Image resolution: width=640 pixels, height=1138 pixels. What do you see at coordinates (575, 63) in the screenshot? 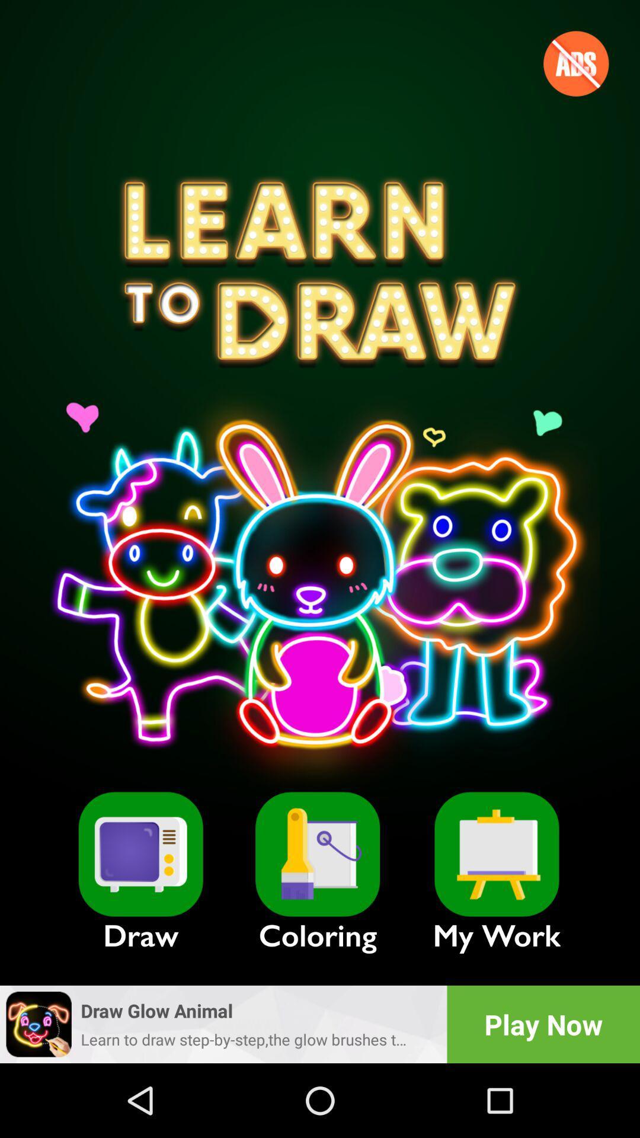
I see `turn off advertisements` at bounding box center [575, 63].